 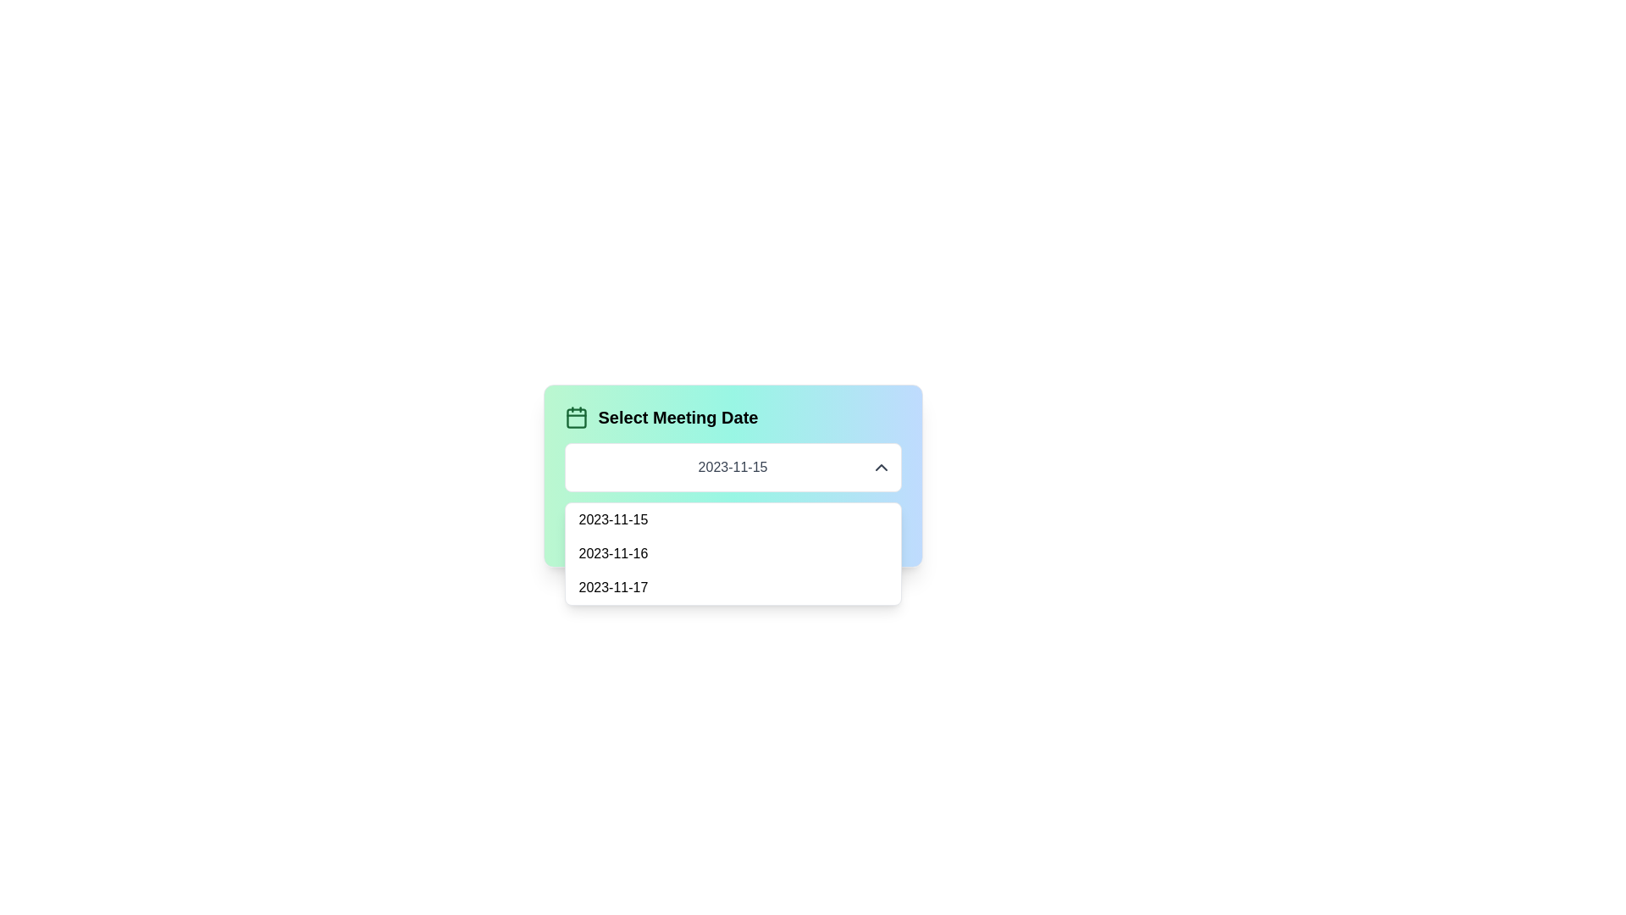 What do you see at coordinates (733, 587) in the screenshot?
I see `the List item displaying the date '2023-11-17' in the dropdown menu` at bounding box center [733, 587].